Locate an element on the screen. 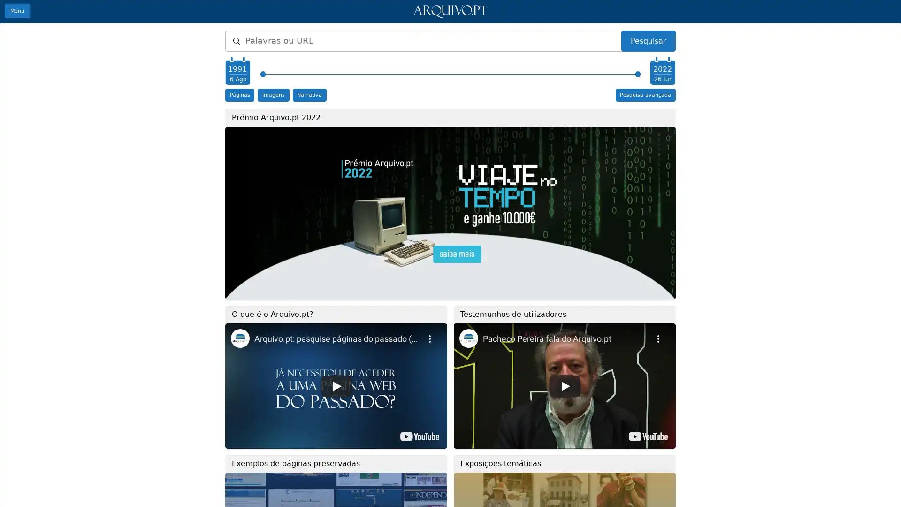 The width and height of the screenshot is (901, 507). Pesquisar is located at coordinates (648, 40).